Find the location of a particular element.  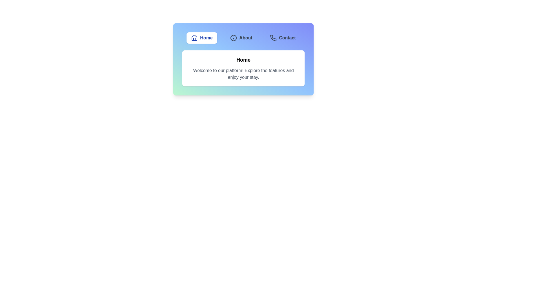

the About tab to navigate to it is located at coordinates (241, 38).